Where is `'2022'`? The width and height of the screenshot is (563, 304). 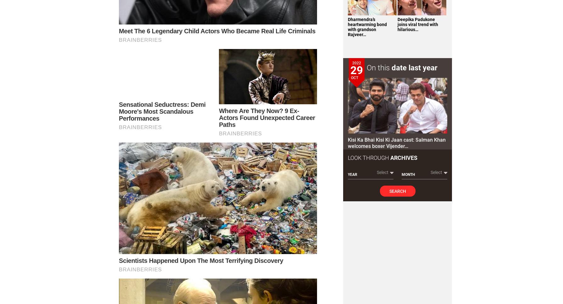 '2022' is located at coordinates (356, 62).